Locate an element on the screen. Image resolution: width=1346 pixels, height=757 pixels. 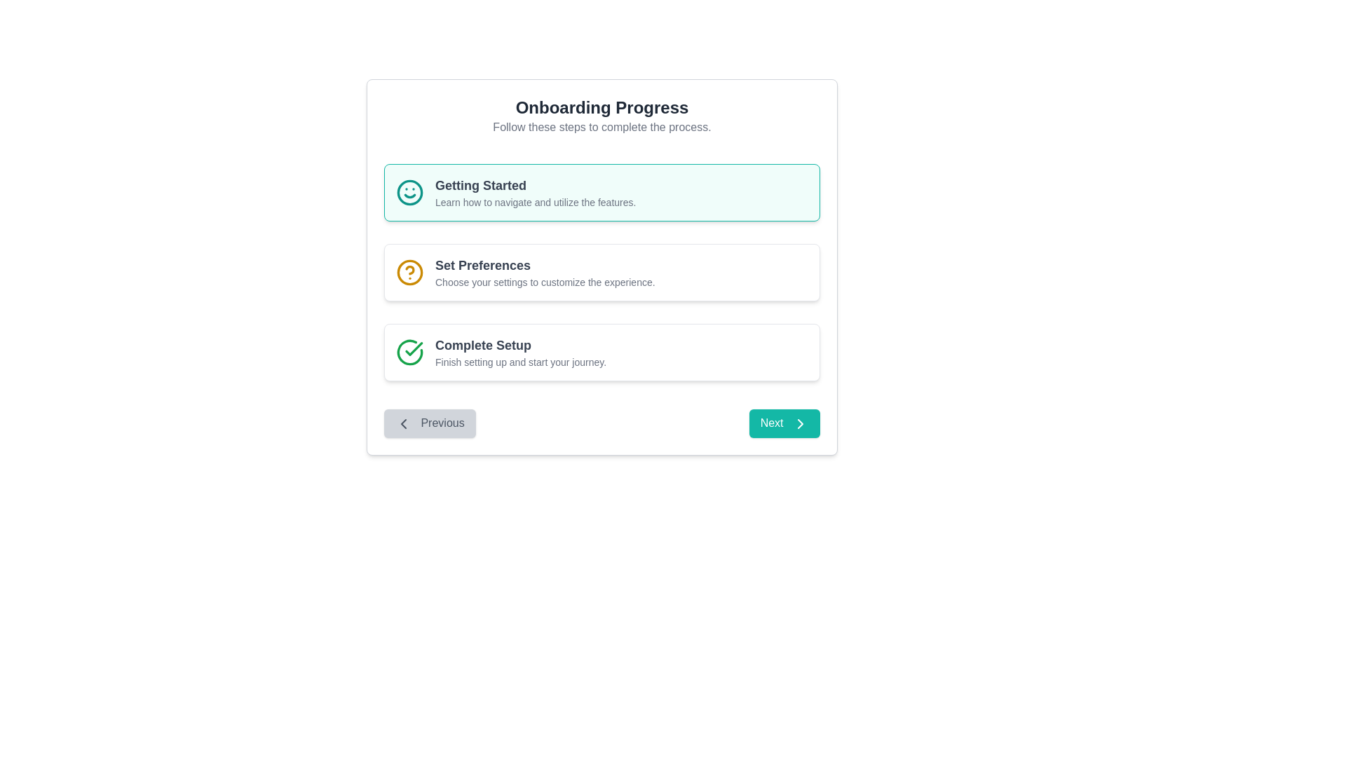
the 'Previous' button icon located at the bottom-left of the interface, which indicates navigation to the previous step in the process is located at coordinates (403, 423).